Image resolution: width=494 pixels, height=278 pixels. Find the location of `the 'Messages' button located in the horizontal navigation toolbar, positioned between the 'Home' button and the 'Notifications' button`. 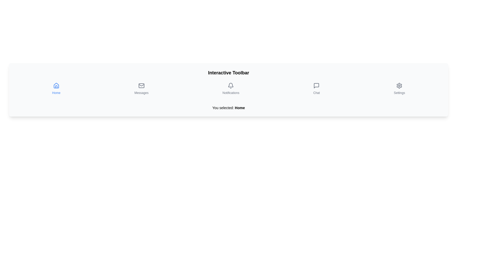

the 'Messages' button located in the horizontal navigation toolbar, positioned between the 'Home' button and the 'Notifications' button is located at coordinates (141, 88).